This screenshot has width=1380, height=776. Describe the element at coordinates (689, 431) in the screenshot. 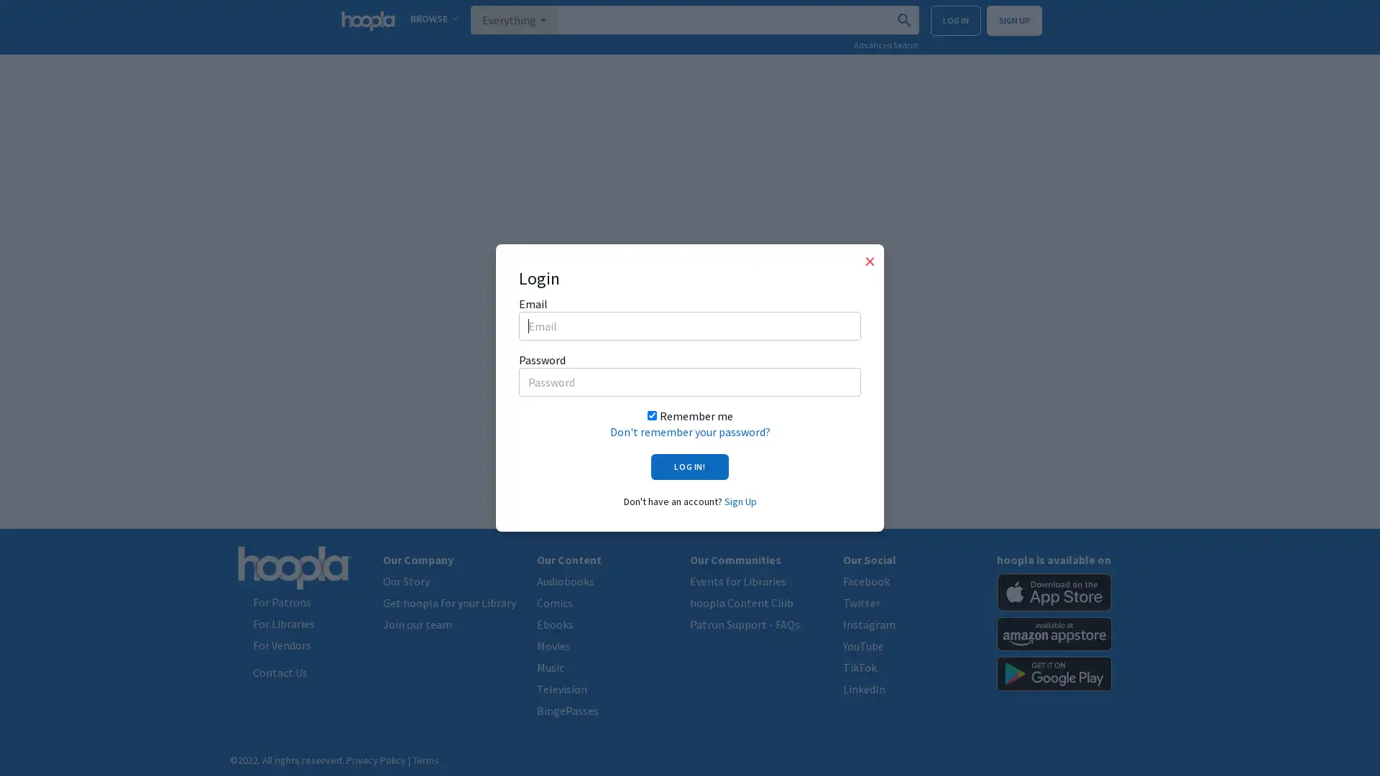

I see `Don't remember your password?` at that location.